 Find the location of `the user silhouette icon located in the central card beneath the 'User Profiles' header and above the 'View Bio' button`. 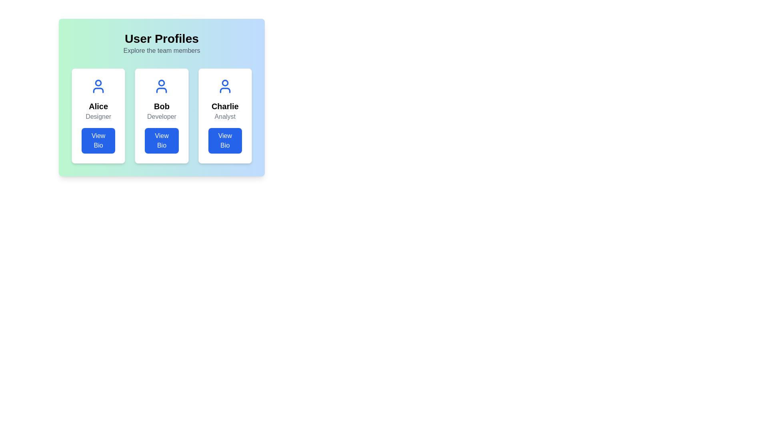

the user silhouette icon located in the central card beneath the 'User Profiles' header and above the 'View Bio' button is located at coordinates (161, 86).